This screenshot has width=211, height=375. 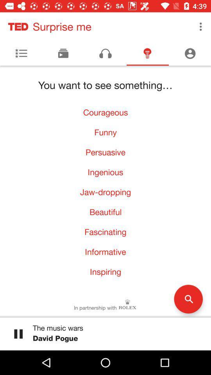 I want to click on inspiring icon, so click(x=105, y=271).